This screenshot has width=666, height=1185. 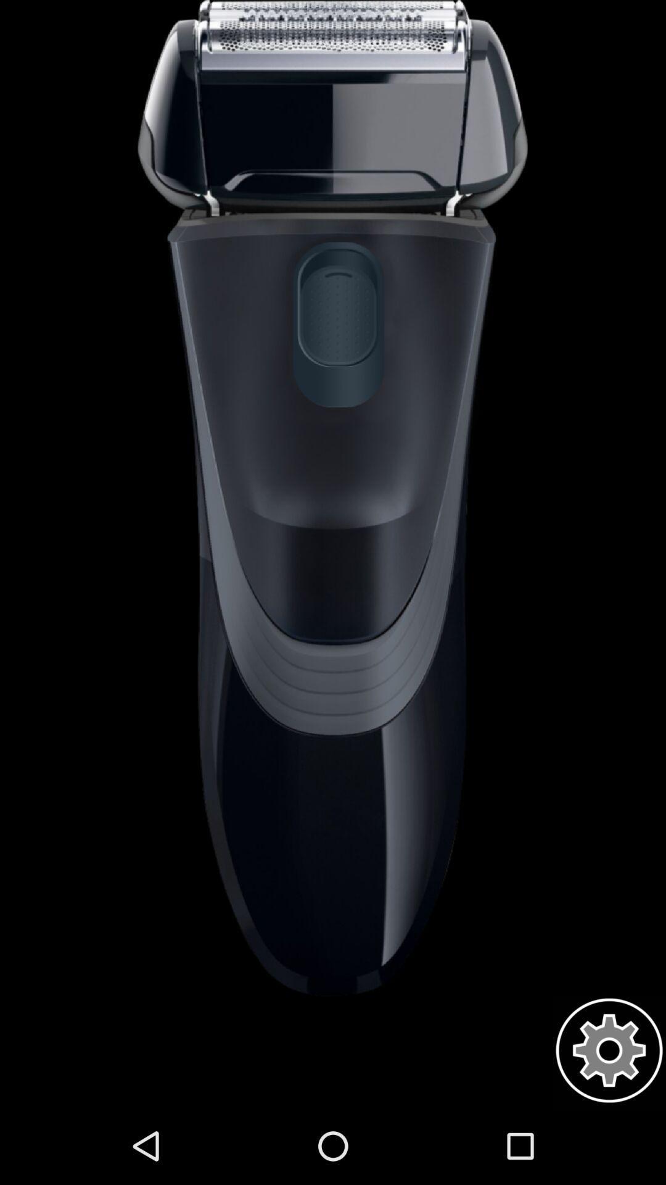 What do you see at coordinates (609, 1050) in the screenshot?
I see `open settings` at bounding box center [609, 1050].